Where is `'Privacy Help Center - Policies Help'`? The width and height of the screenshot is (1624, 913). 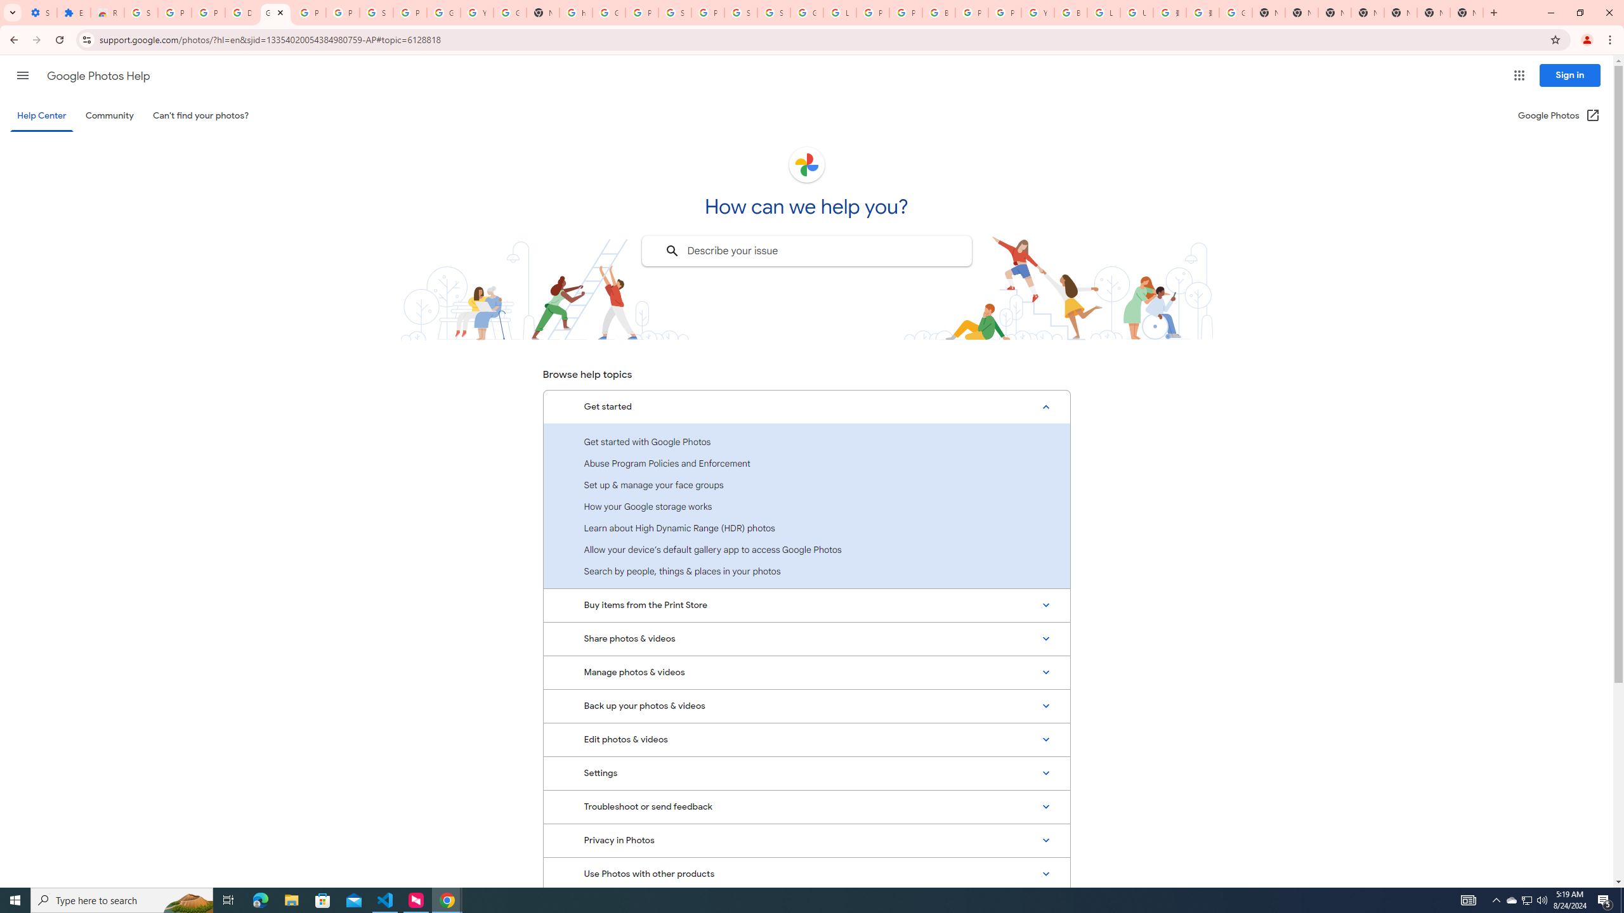 'Privacy Help Center - Policies Help' is located at coordinates (872, 12).